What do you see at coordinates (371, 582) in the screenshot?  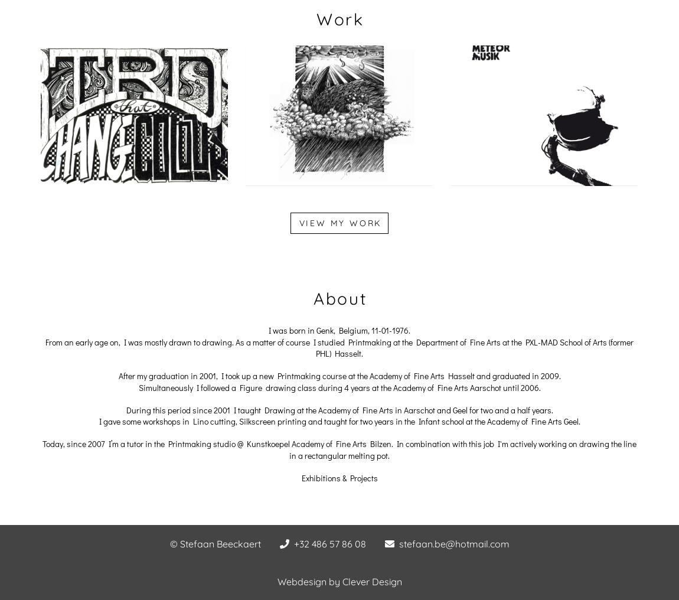 I see `'Clever Design'` at bounding box center [371, 582].